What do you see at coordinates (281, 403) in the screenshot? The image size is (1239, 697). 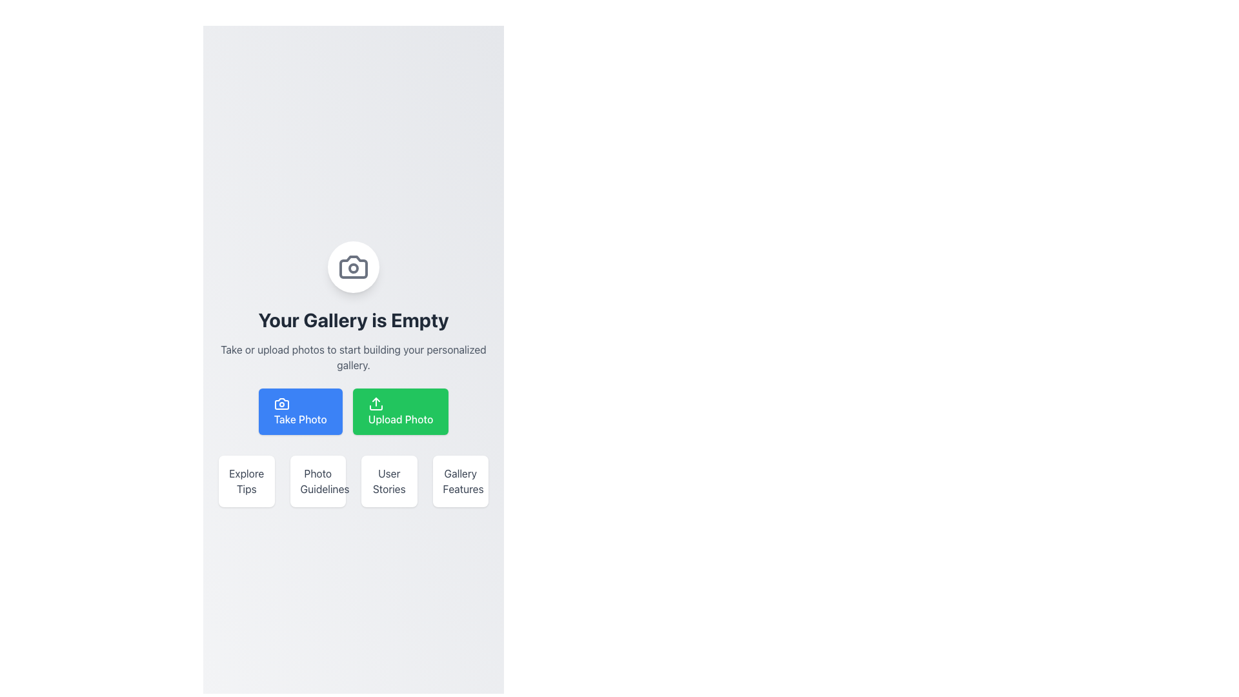 I see `the camera icon which is part of the 'Take Photo' button located above its textual label on the left side of the blue and green buttons` at bounding box center [281, 403].